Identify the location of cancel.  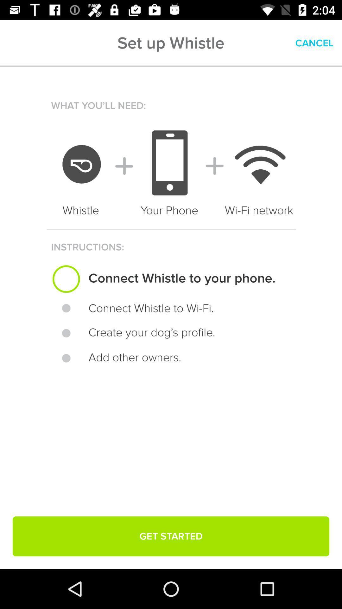
(314, 43).